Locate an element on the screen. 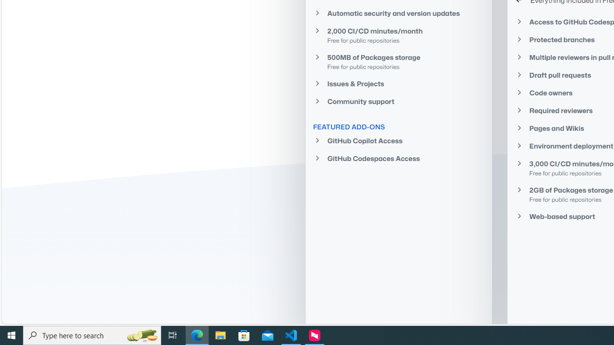 The height and width of the screenshot is (345, 614). 'GitHub Copilot Access' is located at coordinates (398, 141).